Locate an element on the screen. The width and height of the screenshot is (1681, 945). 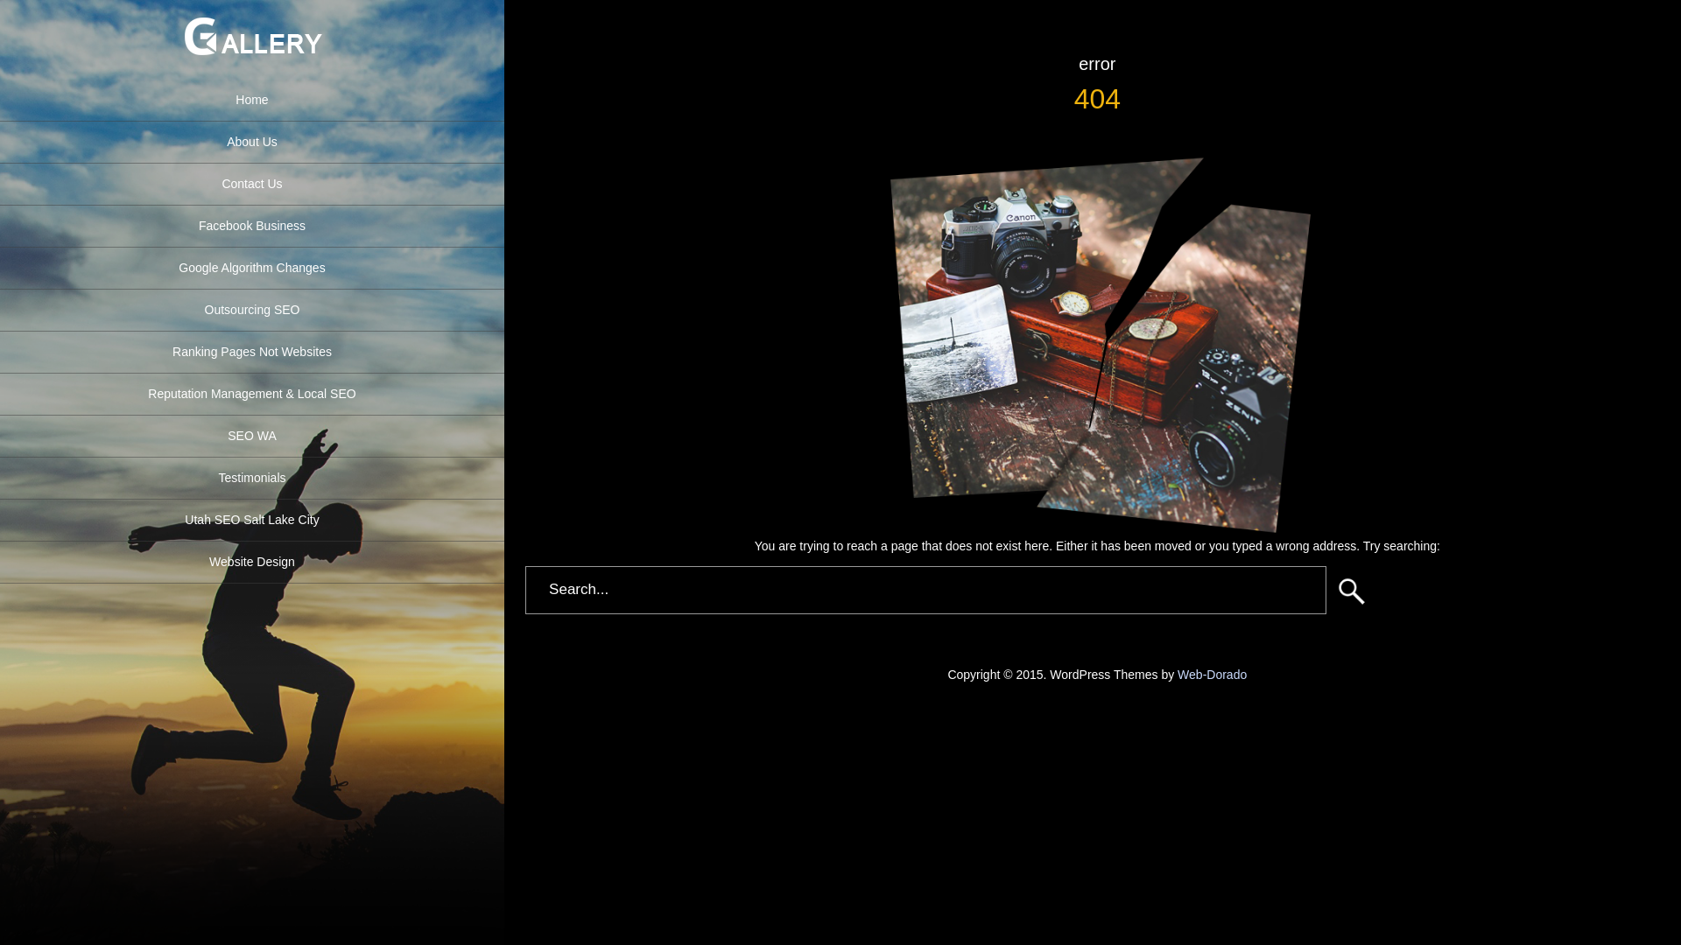
'Contact Us' is located at coordinates (251, 185).